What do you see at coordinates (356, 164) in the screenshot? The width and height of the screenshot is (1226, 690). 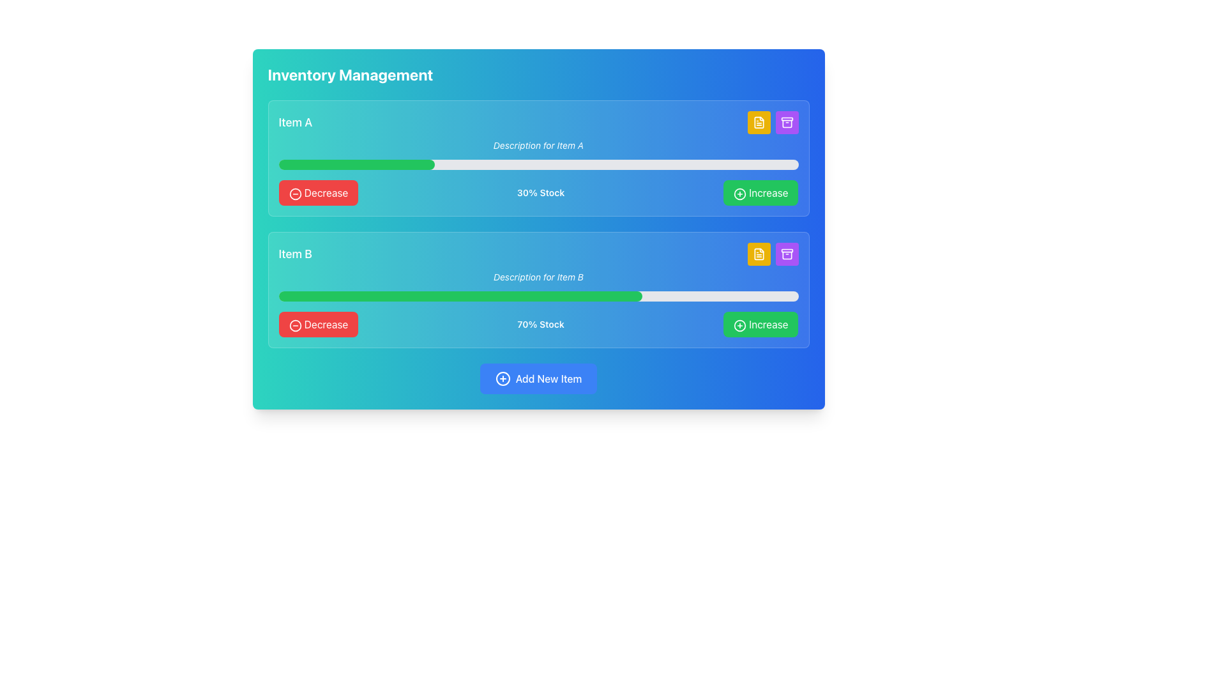 I see `the progress bar indicating 30% stock for 'Item A', located below 'Description for Item A'` at bounding box center [356, 164].